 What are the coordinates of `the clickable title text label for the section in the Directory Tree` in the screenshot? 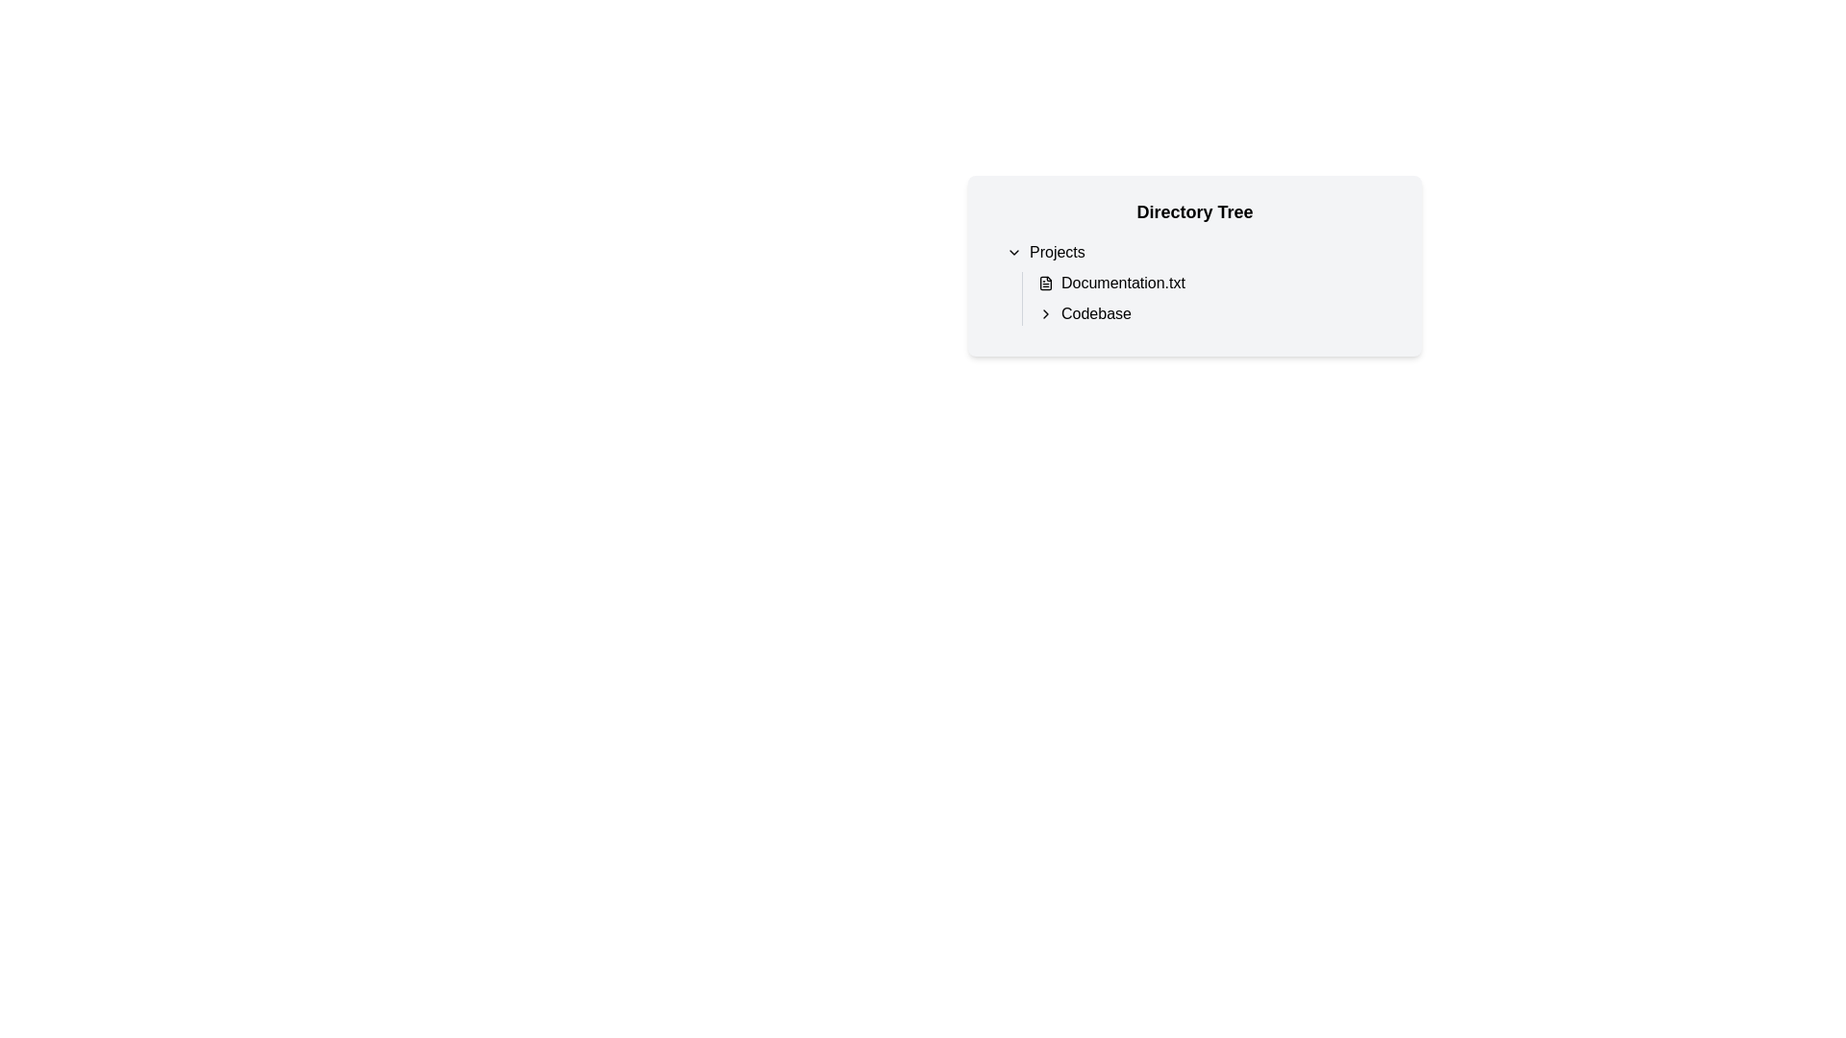 It's located at (1056, 251).